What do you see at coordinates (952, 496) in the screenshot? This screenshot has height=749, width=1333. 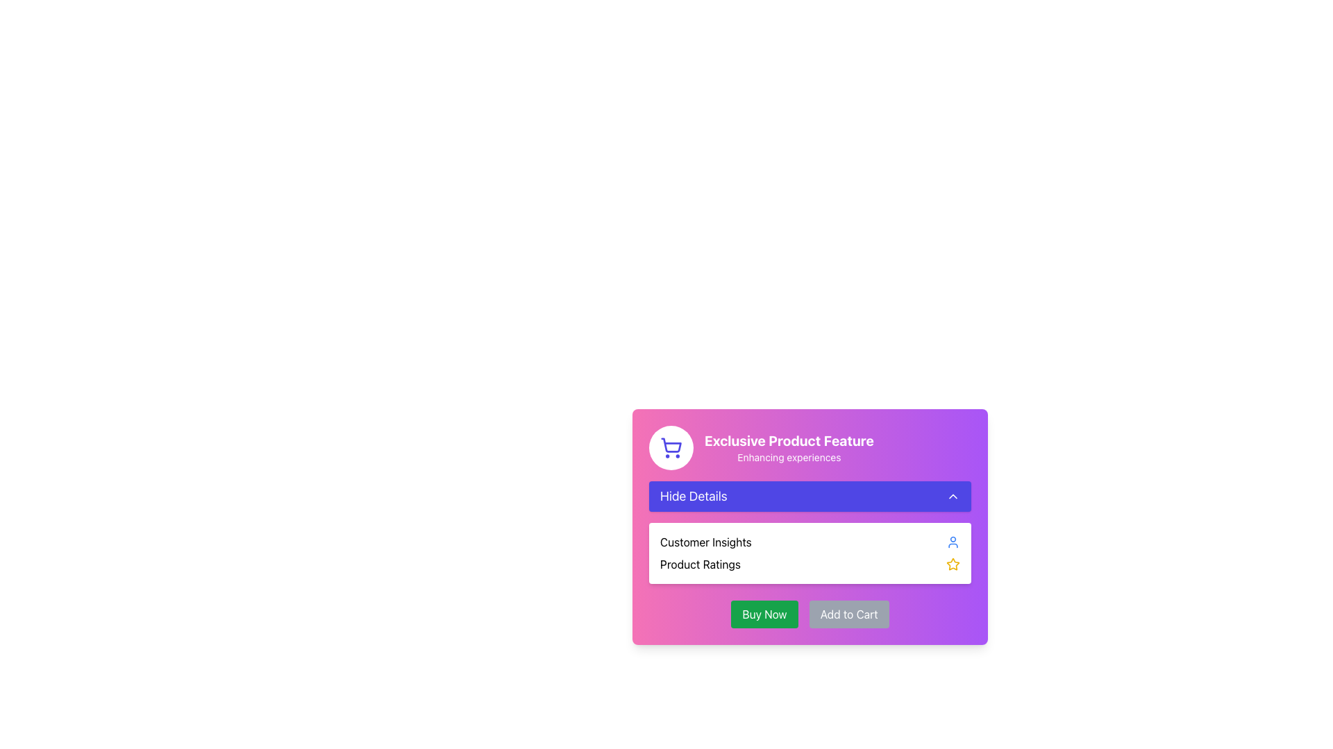 I see `the chevron icon located at the far-right side of the 'Hide Details' button` at bounding box center [952, 496].